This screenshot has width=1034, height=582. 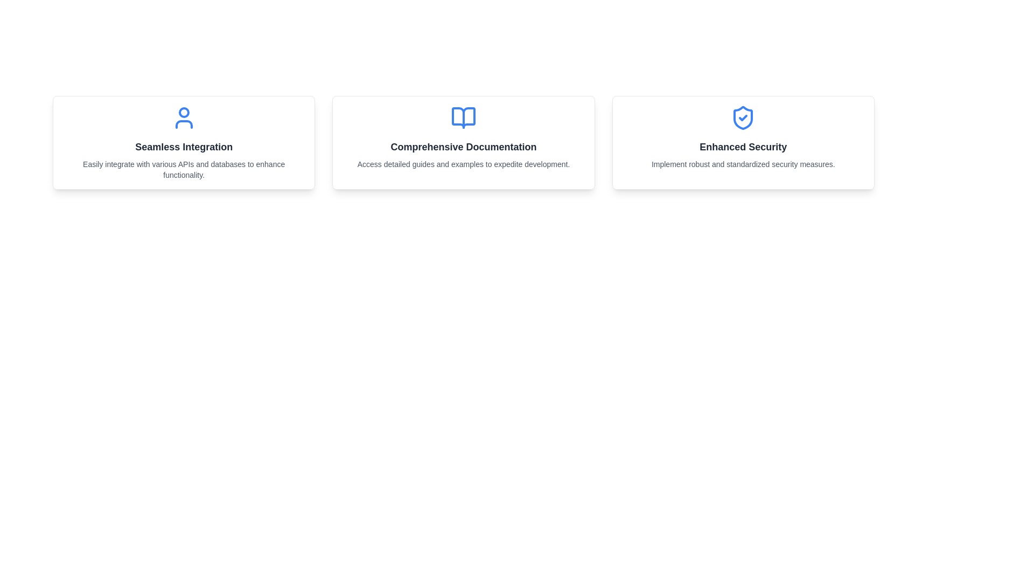 I want to click on the blue open book icon located above the 'Comprehensive Documentation' text in the central feature card, so click(x=463, y=118).